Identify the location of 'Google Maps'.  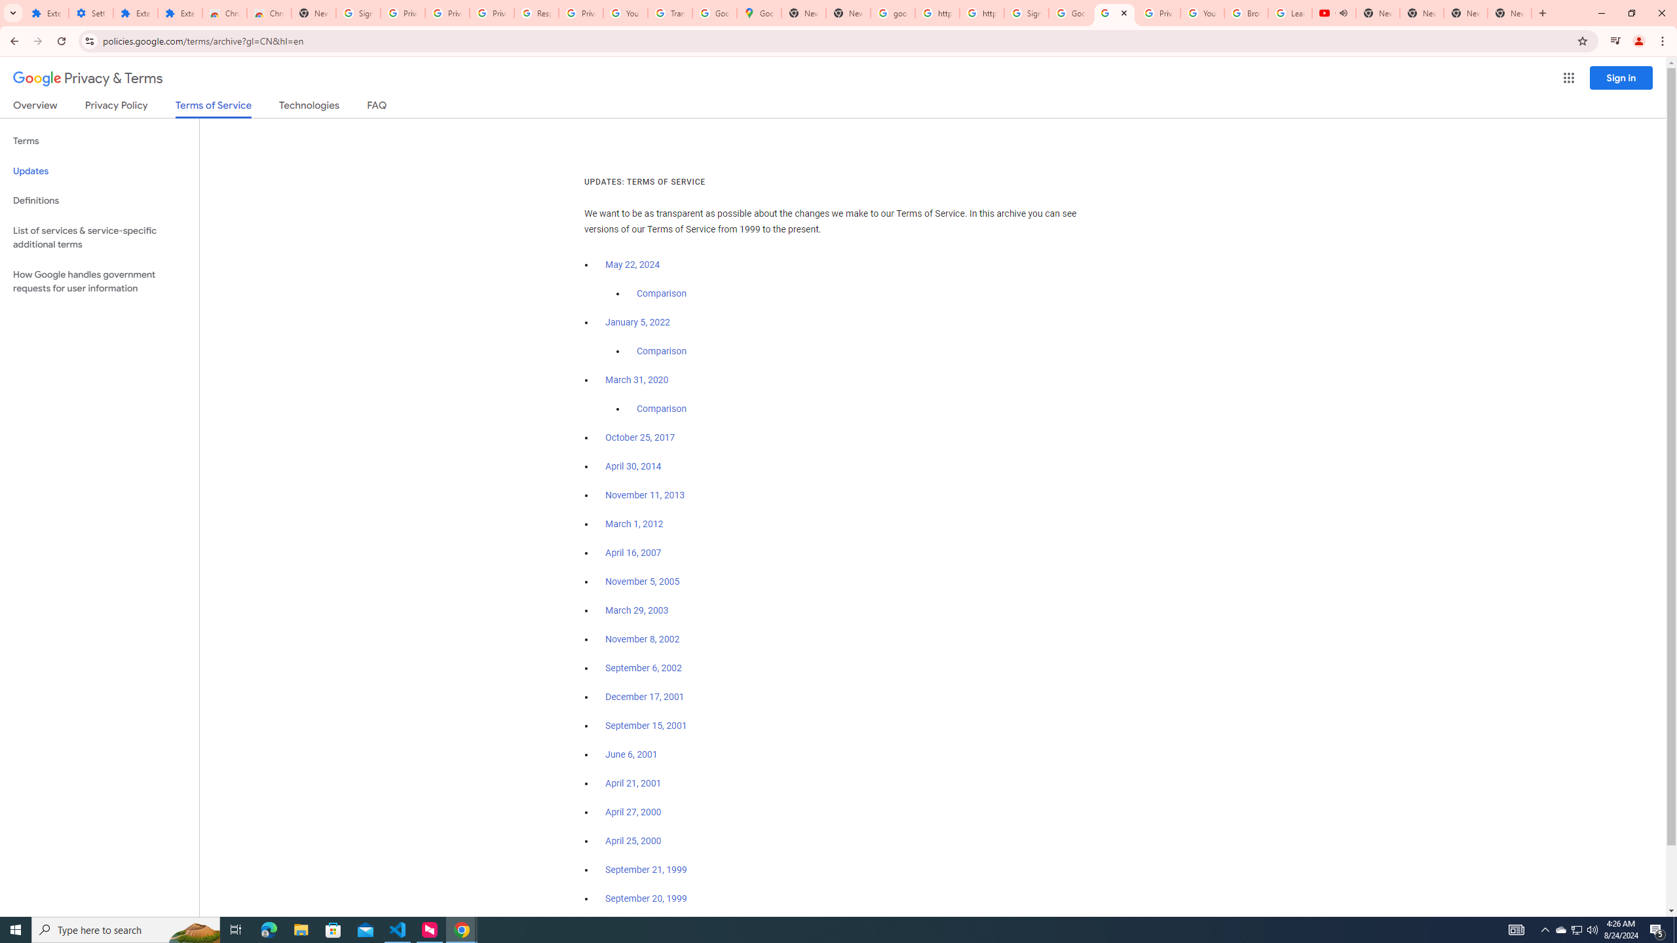
(759, 12).